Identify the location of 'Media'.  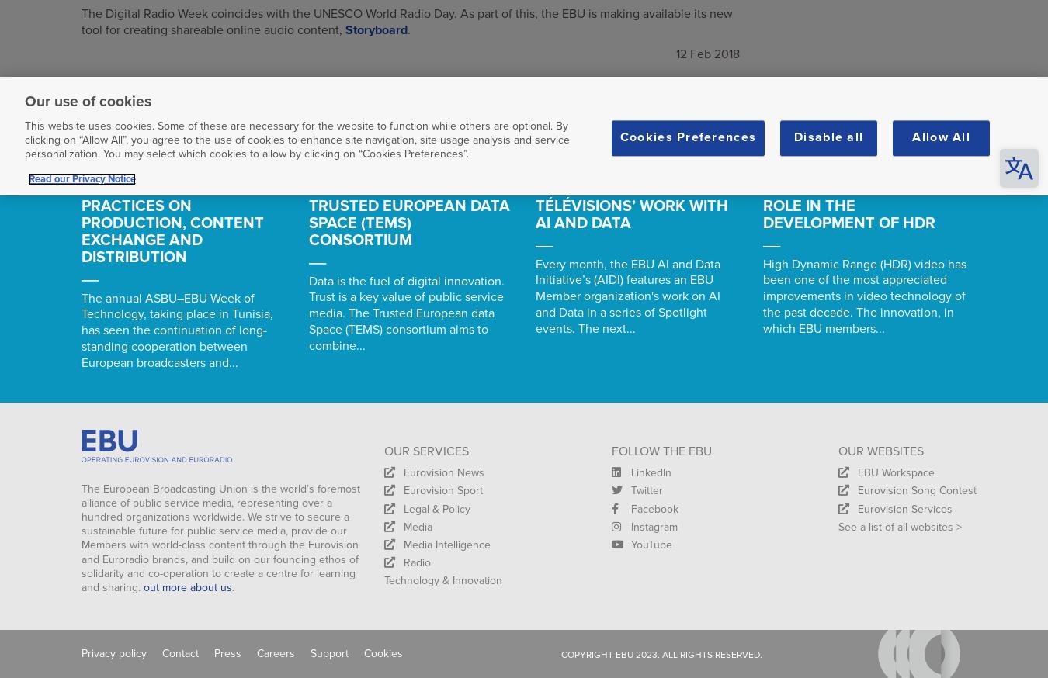
(417, 526).